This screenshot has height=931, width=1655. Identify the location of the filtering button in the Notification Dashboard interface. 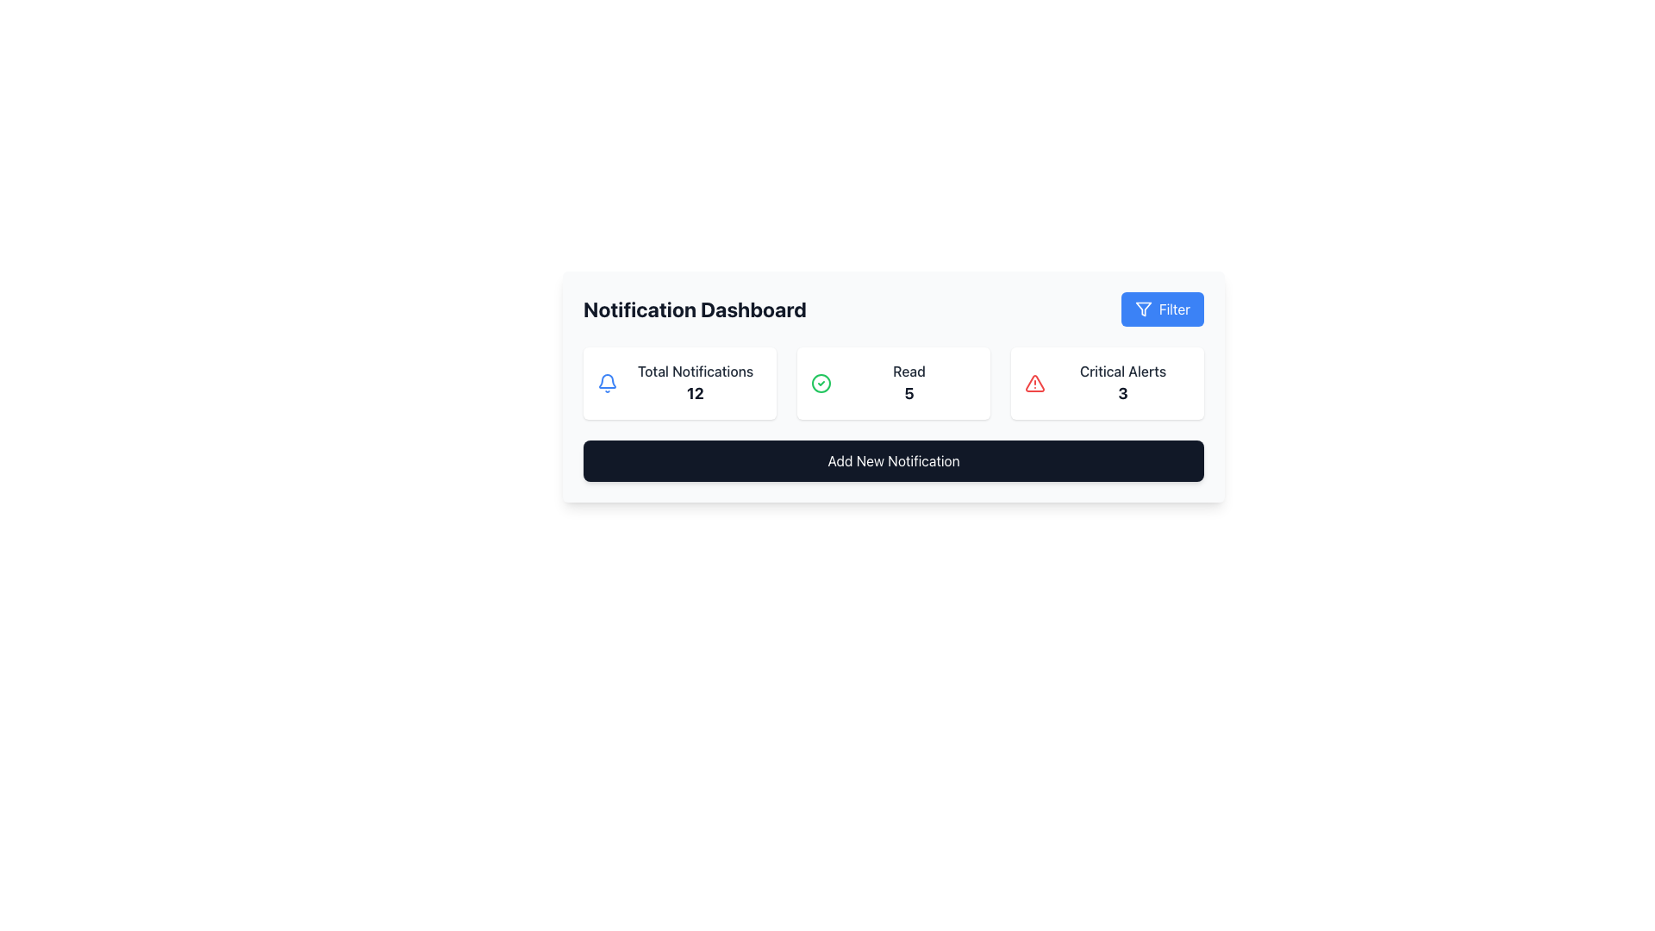
(1162, 308).